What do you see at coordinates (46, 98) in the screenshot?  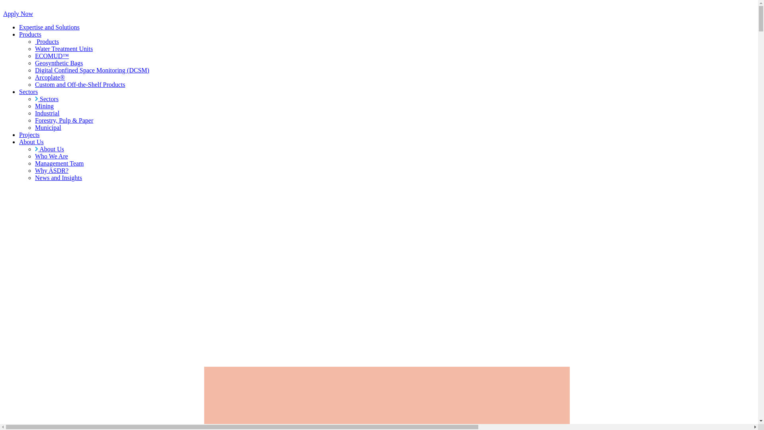 I see `'Sectors'` at bounding box center [46, 98].